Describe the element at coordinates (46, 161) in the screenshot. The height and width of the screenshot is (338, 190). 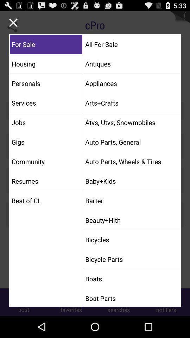
I see `app above resumes icon` at that location.